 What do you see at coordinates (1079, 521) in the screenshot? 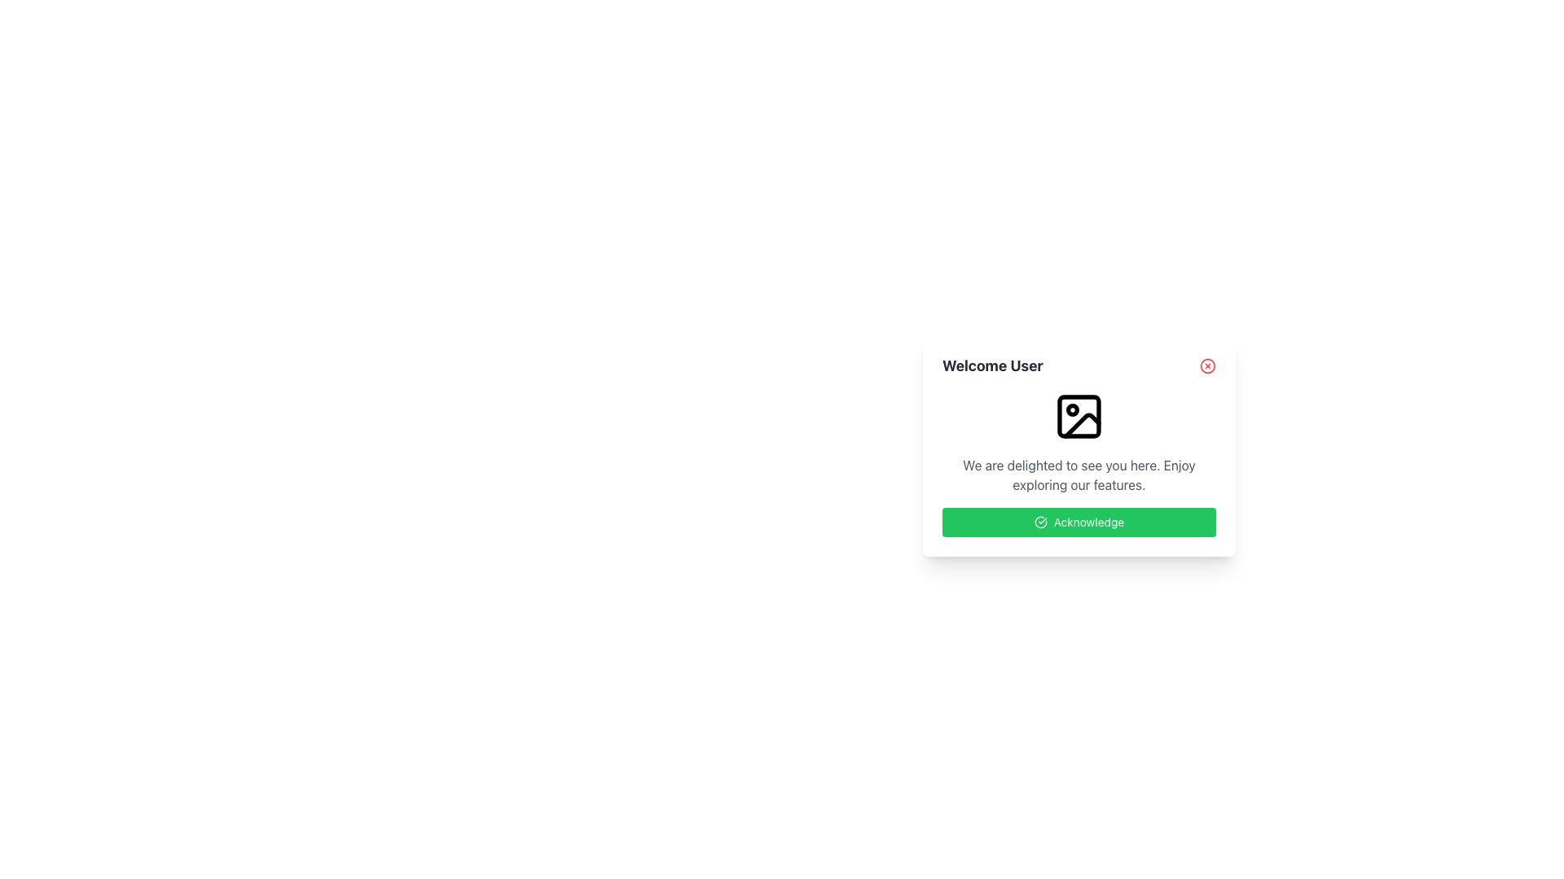
I see `the 'Acknowledge' button located at the bottom of the white, bordered card interface` at bounding box center [1079, 521].